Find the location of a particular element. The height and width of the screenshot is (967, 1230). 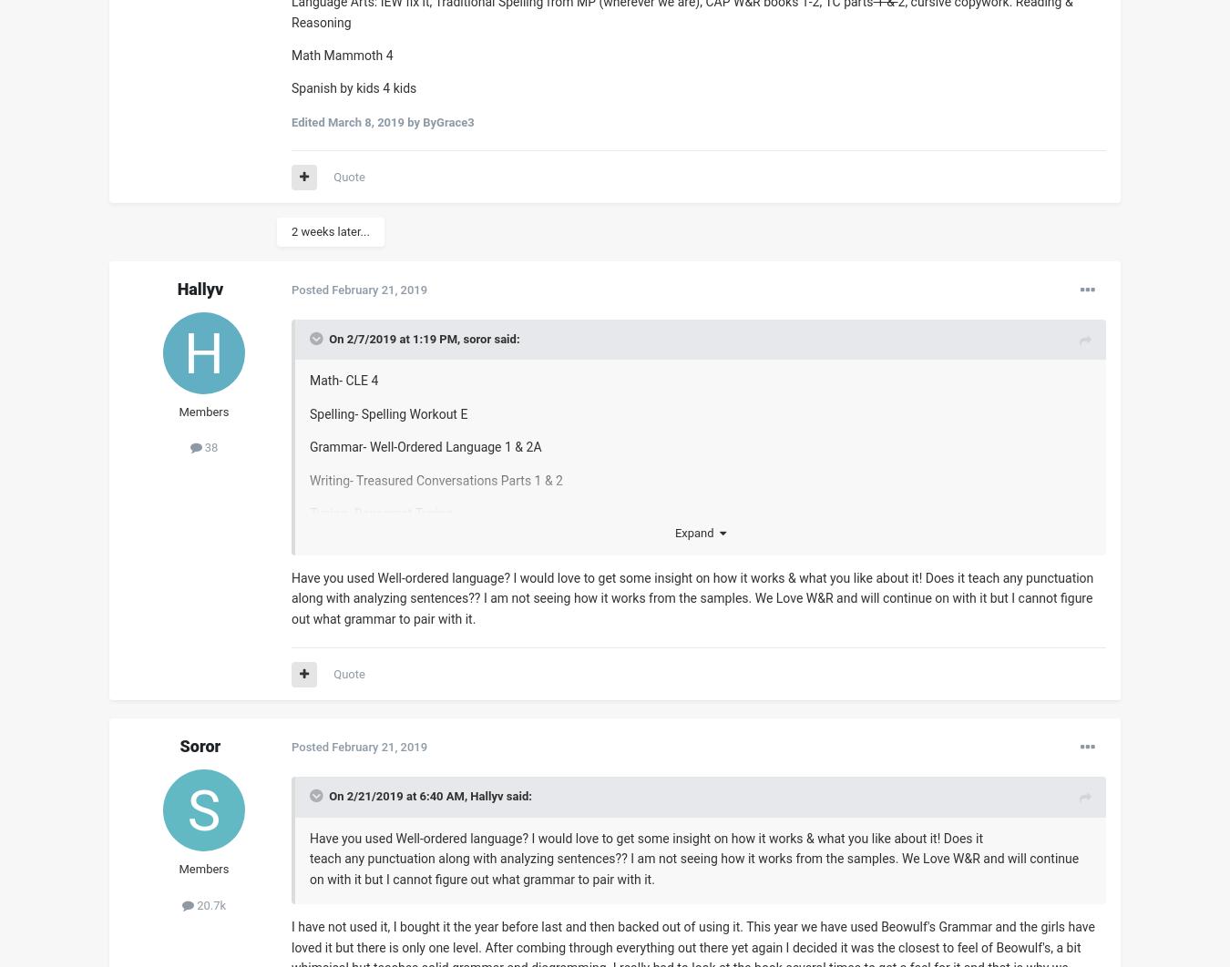

'March 8, 2019' is located at coordinates (364, 121).